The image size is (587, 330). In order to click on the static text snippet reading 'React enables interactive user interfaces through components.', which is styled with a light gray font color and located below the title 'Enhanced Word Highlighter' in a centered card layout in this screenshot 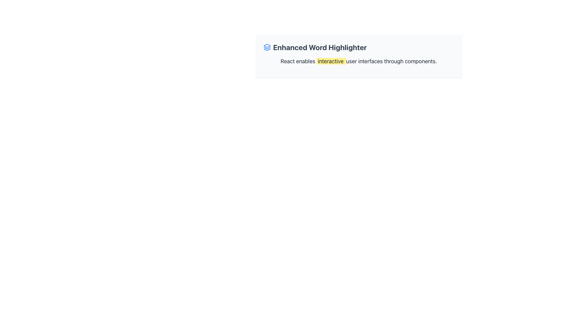, I will do `click(359, 61)`.